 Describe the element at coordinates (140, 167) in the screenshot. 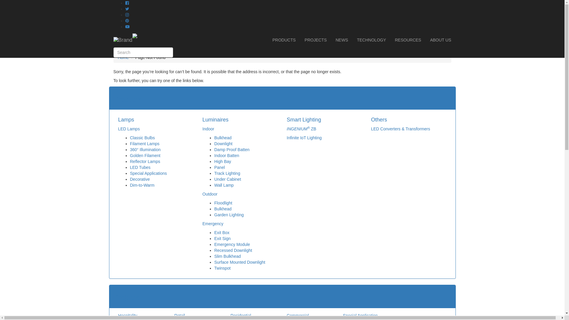

I see `'LED Tubes'` at that location.